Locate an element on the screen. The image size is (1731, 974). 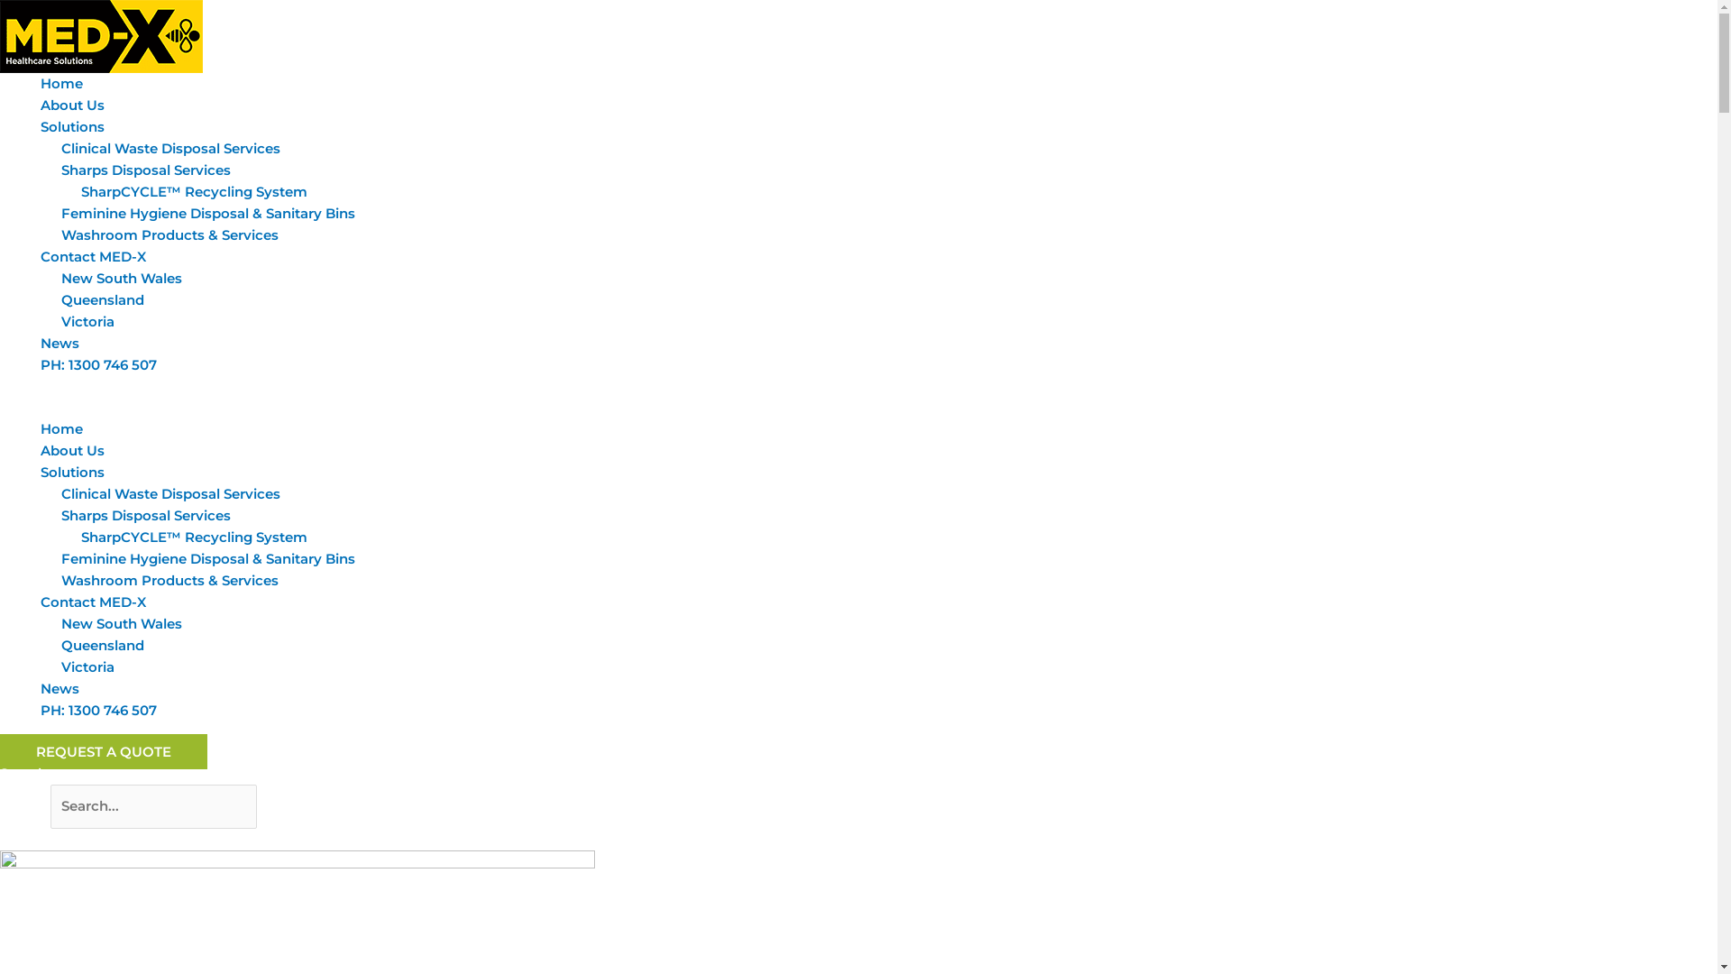
'Solutions' is located at coordinates (72, 125).